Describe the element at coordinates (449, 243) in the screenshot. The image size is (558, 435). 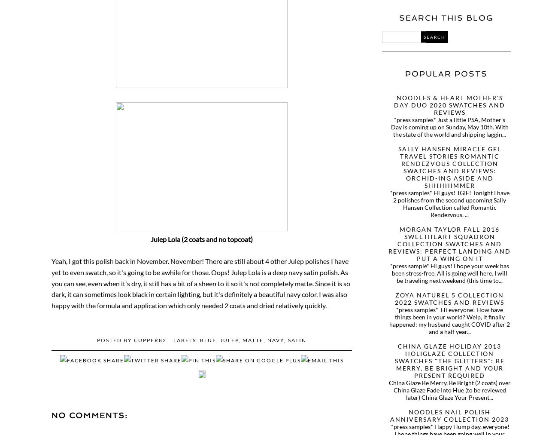
I see `'Morgan Taylor Fall 2016 Sweetheart Squadron Collection Swatches and Reviews: Perfect Landing and Put a Wing On It'` at that location.